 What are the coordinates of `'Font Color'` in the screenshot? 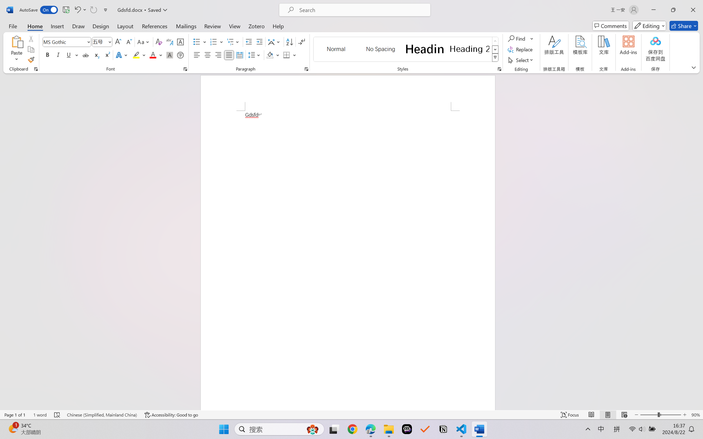 It's located at (156, 55).